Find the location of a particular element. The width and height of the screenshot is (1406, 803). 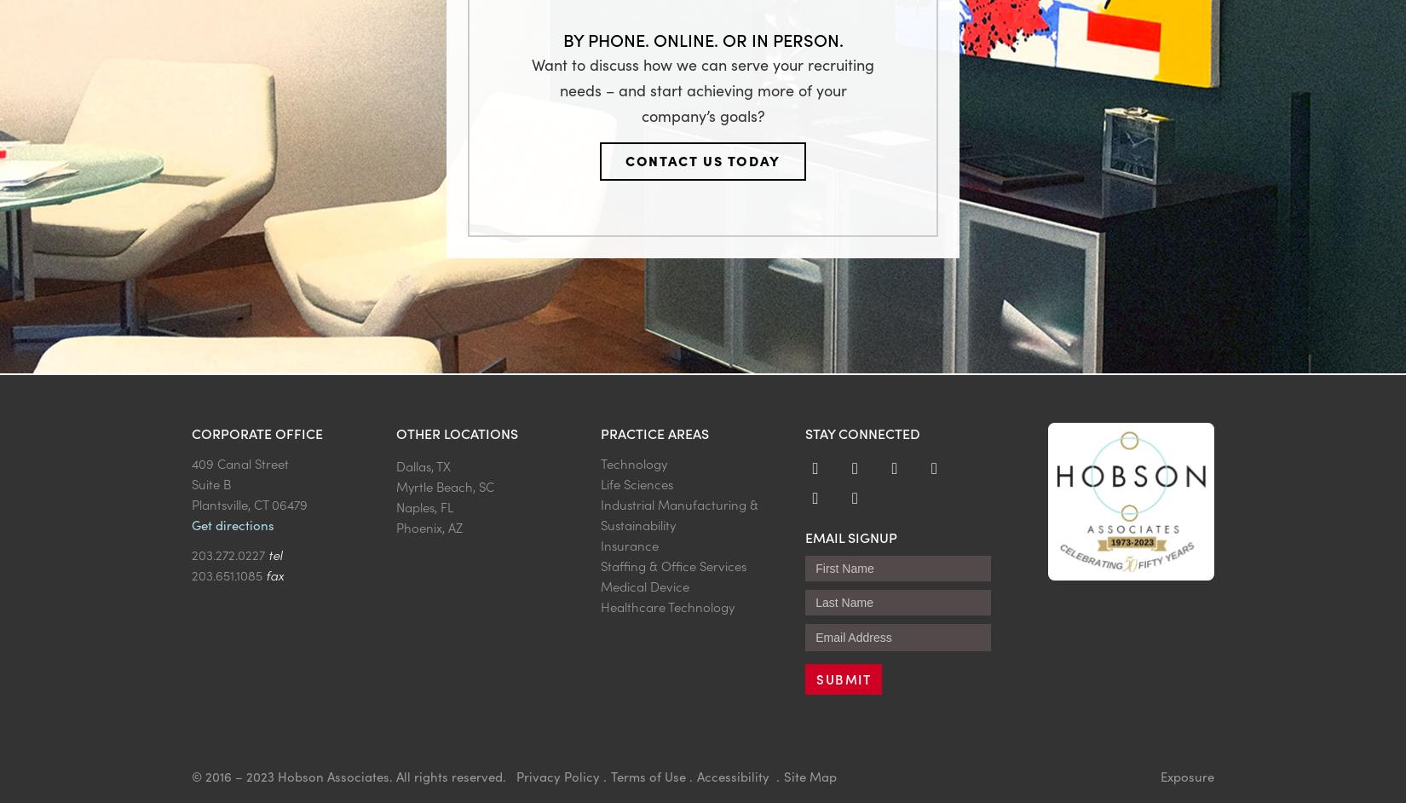

'Accessibility' is located at coordinates (734, 774).